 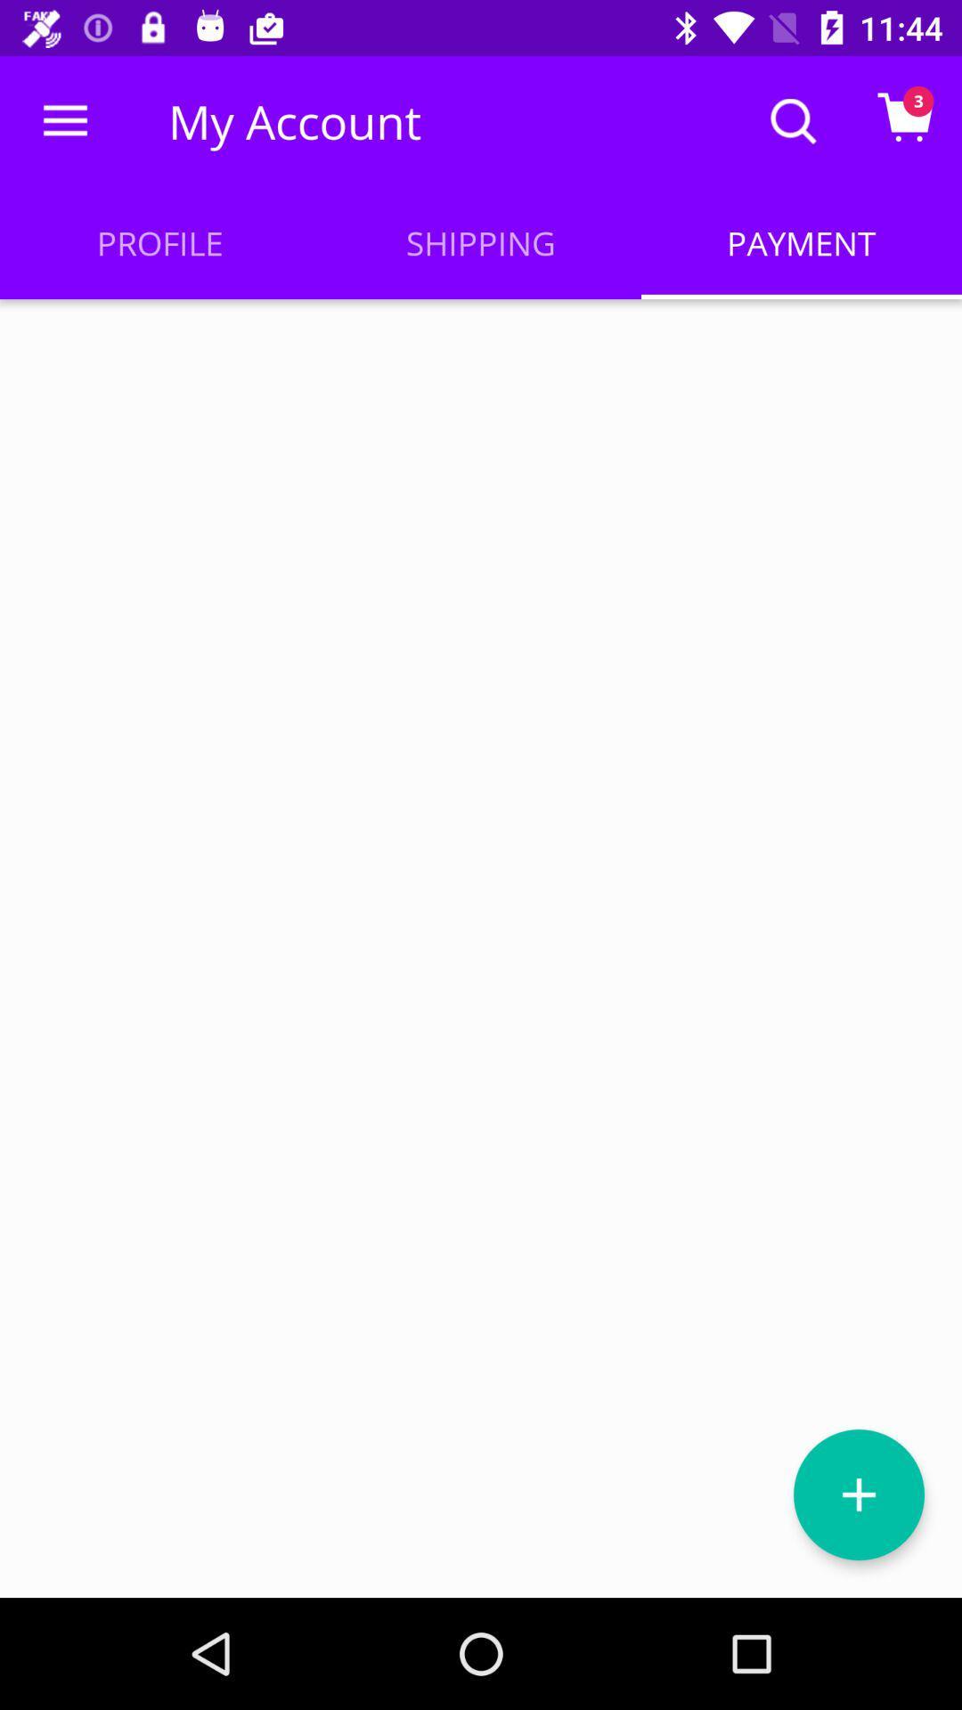 What do you see at coordinates (858, 1494) in the screenshot?
I see `new item` at bounding box center [858, 1494].